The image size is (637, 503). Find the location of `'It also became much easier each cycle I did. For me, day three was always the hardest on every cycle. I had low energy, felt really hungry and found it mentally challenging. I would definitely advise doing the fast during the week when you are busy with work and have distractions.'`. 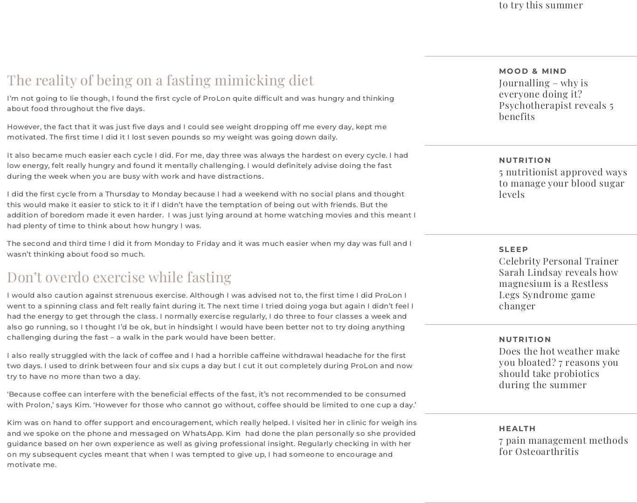

'It also became much easier each cycle I did. For me, day three was always the hardest on every cycle. I had low energy, felt really hungry and found it mentally challenging. I would definitely advise doing the fast during the week when you are busy with work and have distractions.' is located at coordinates (207, 165).